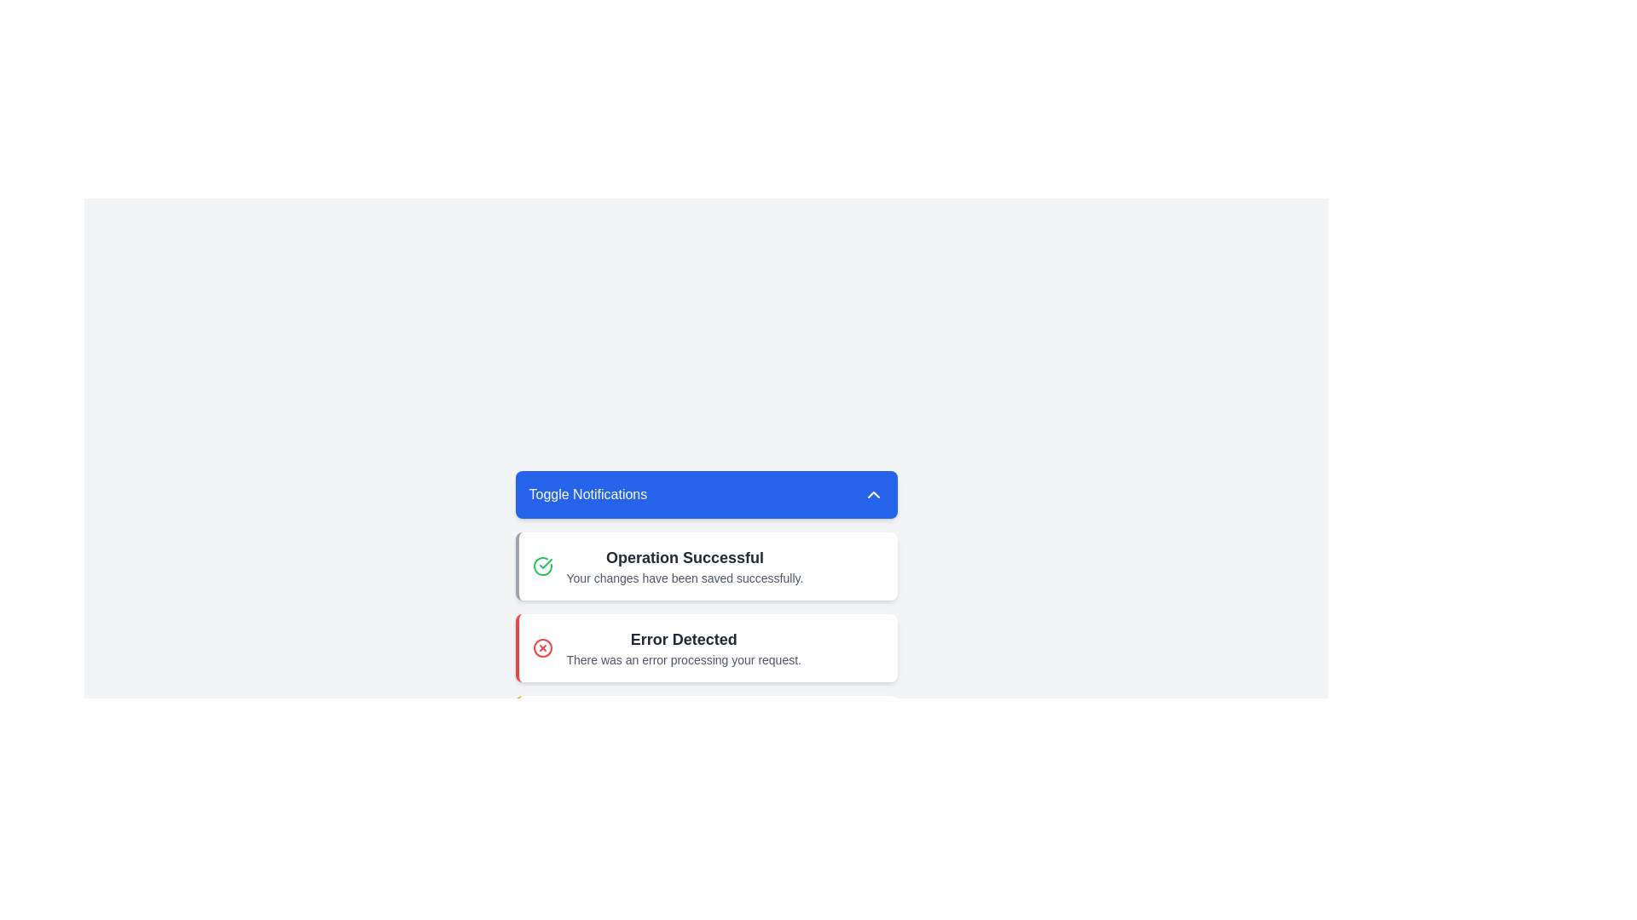  I want to click on the green circular outline vector graphic element within the 'Operation Successful' notification card, indicating a progress or status icon, so click(541, 566).